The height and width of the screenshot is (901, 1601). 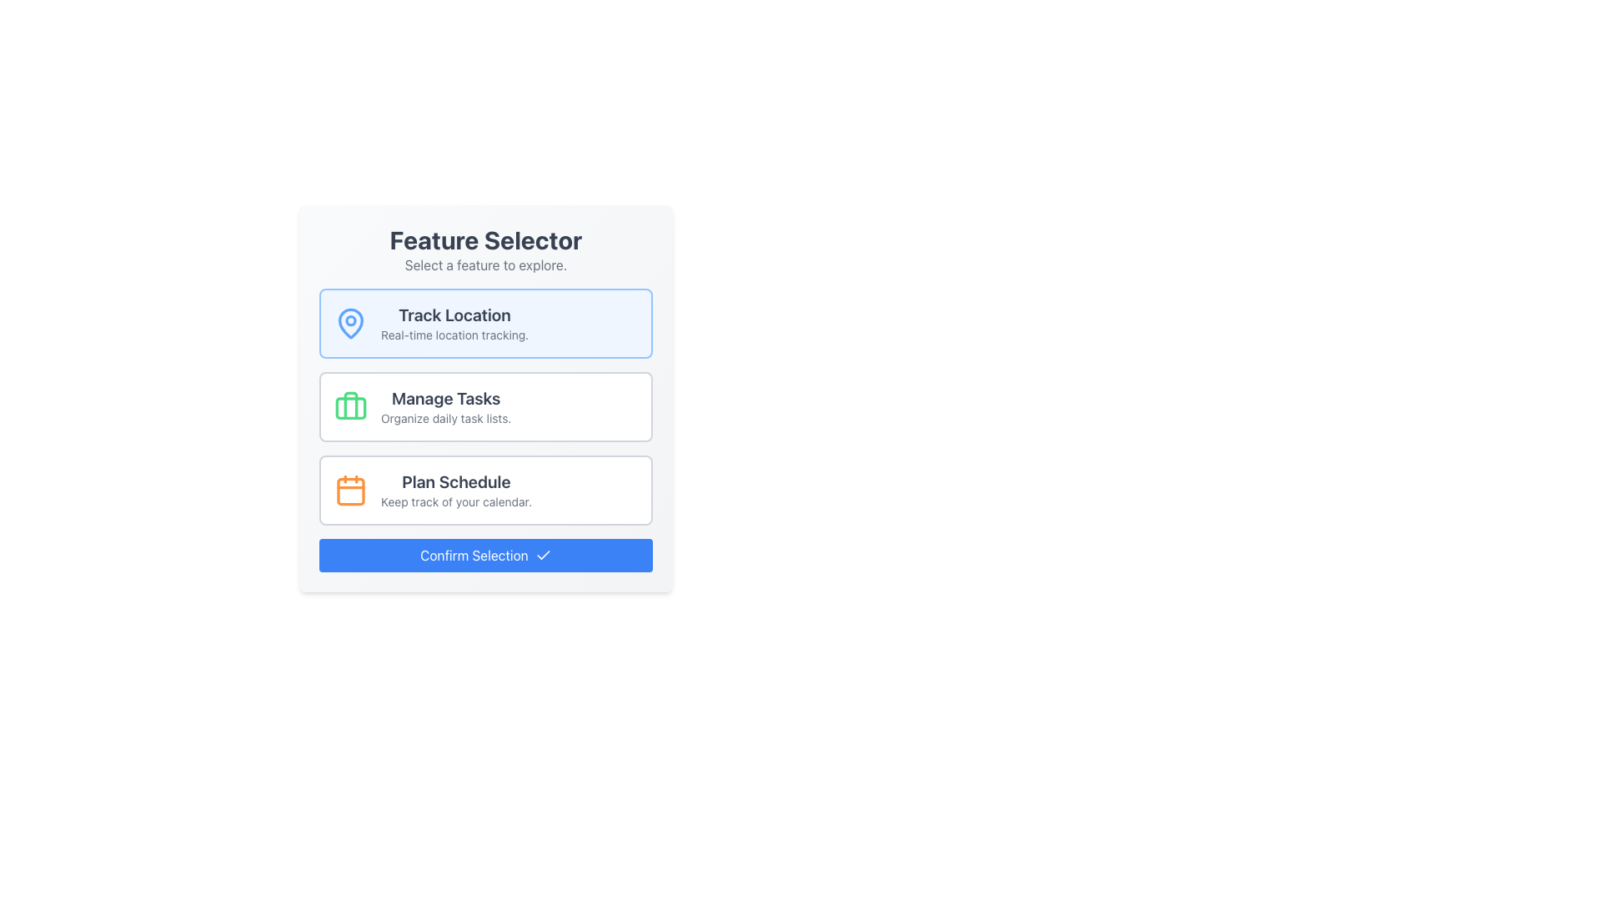 I want to click on the descriptive text 'Keep track of your calendar.' which is positioned below the heading 'Plan Schedule', so click(x=456, y=501).